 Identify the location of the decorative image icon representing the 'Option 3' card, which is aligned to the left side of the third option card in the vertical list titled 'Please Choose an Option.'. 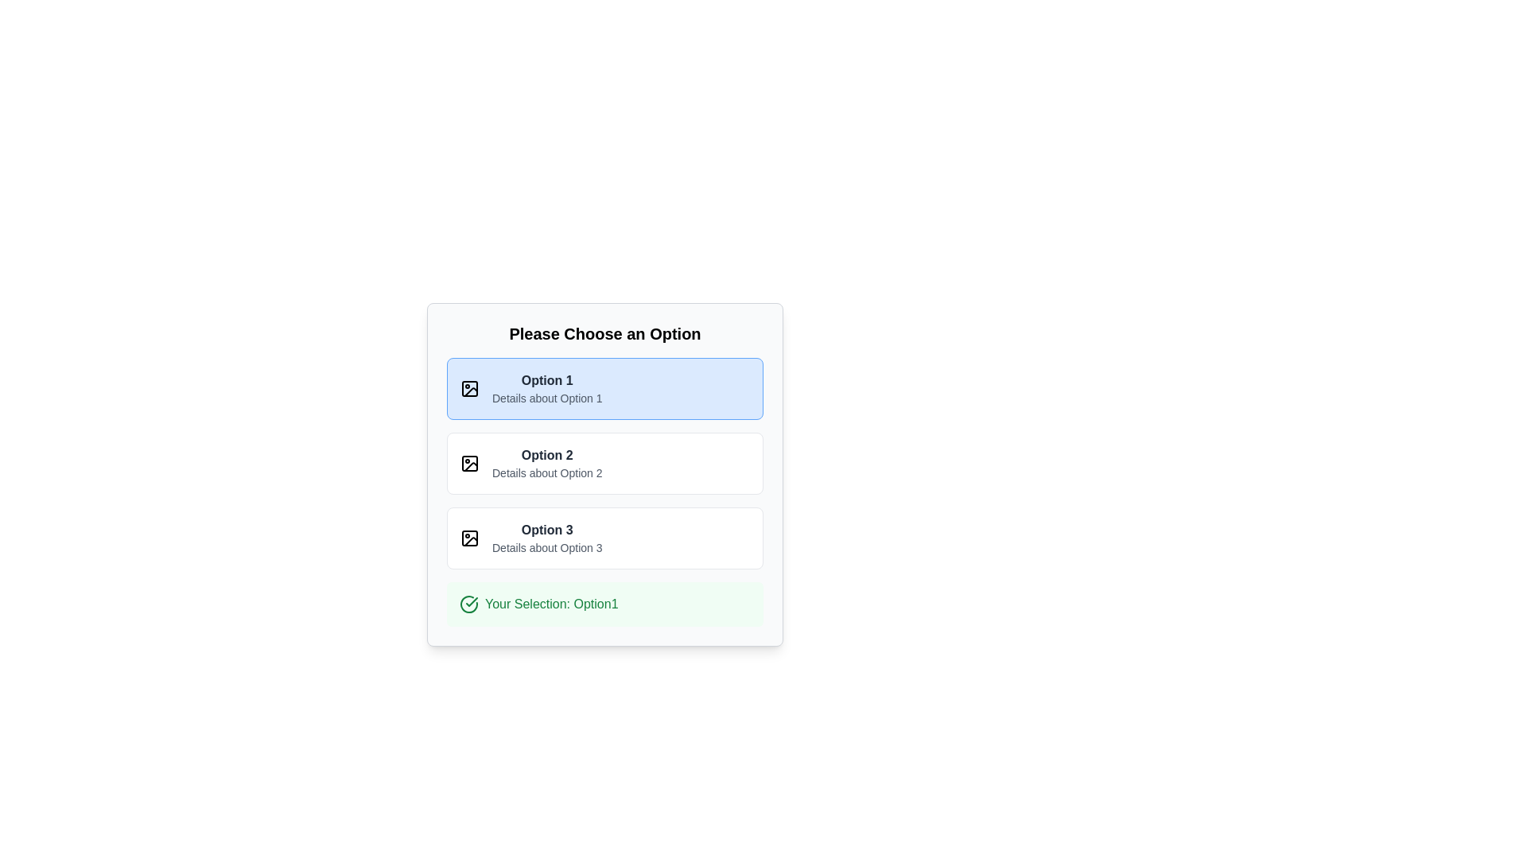
(468, 538).